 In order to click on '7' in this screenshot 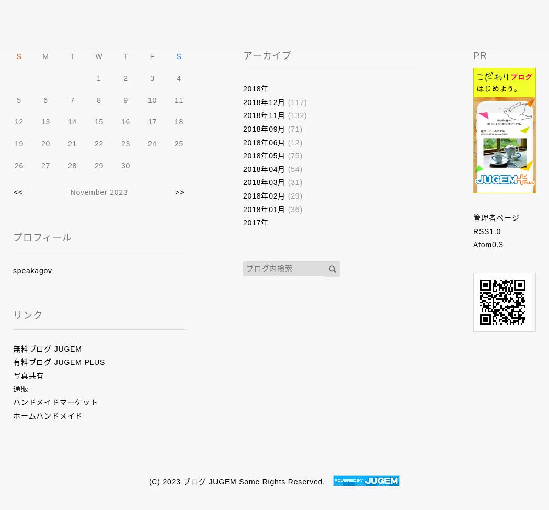, I will do `click(71, 99)`.